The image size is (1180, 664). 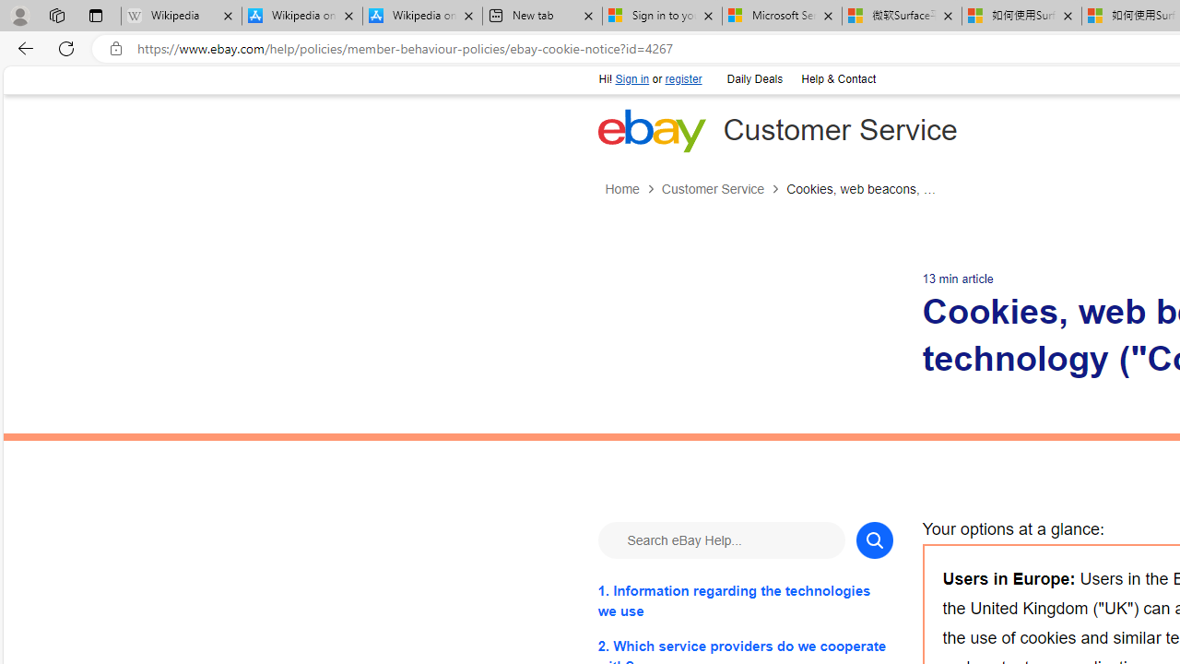 What do you see at coordinates (682, 78) in the screenshot?
I see `'register'` at bounding box center [682, 78].